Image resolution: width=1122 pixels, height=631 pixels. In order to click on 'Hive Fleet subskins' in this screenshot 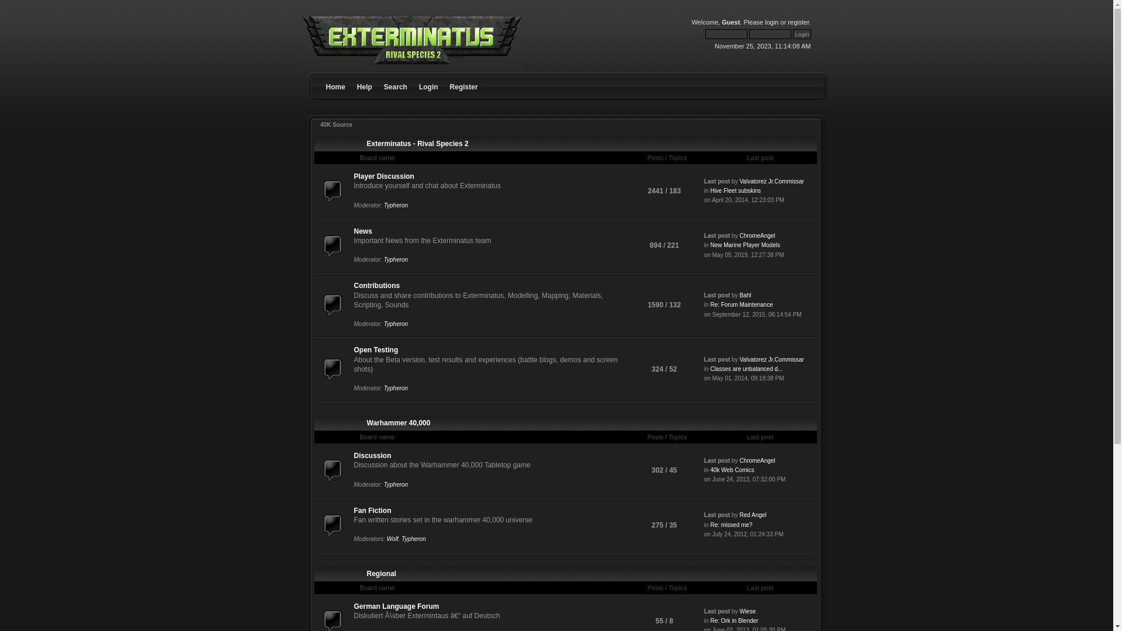, I will do `click(735, 190)`.